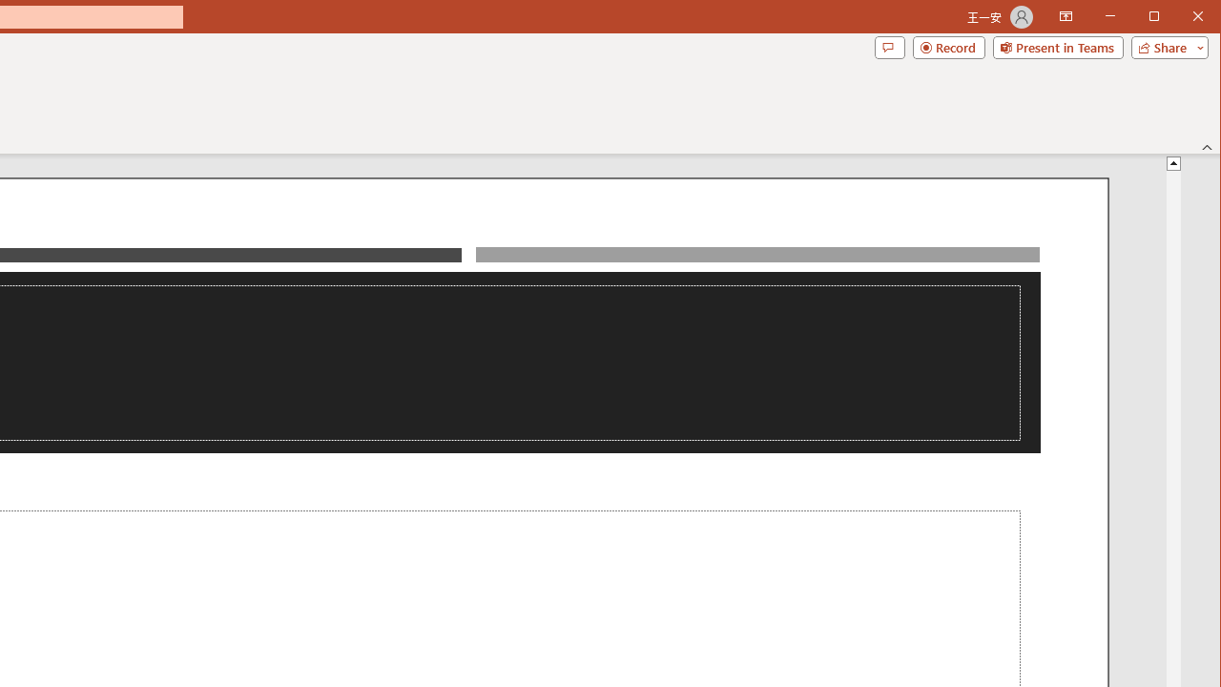  I want to click on 'Maximize', so click(1181, 18).